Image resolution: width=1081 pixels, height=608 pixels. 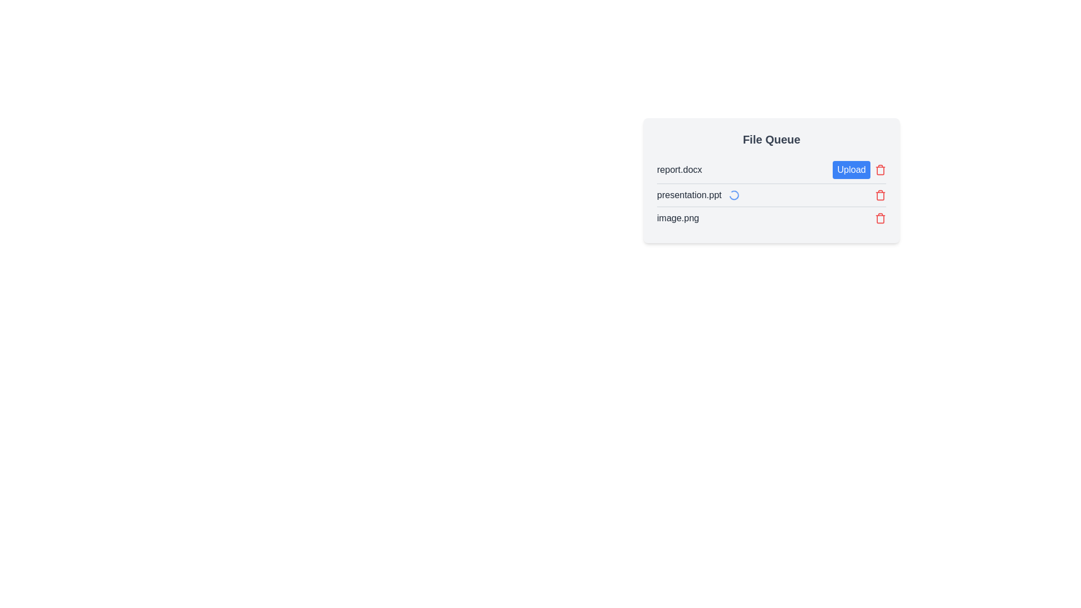 I want to click on the middle segment of the trash can icon, which is a vector graphic element within the SVG image, typically used to signify a delete action, so click(x=880, y=195).